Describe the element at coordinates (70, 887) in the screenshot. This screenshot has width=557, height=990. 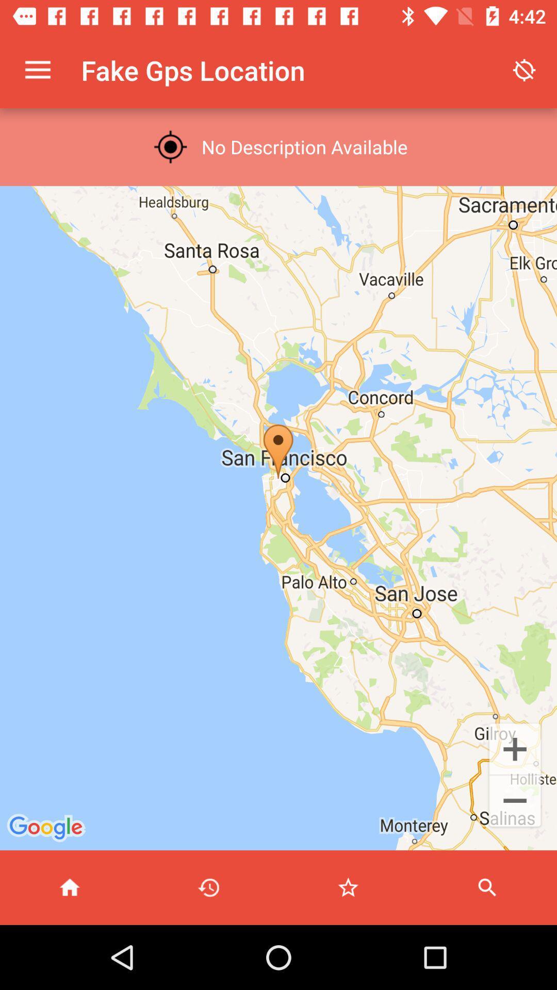
I see `go home` at that location.